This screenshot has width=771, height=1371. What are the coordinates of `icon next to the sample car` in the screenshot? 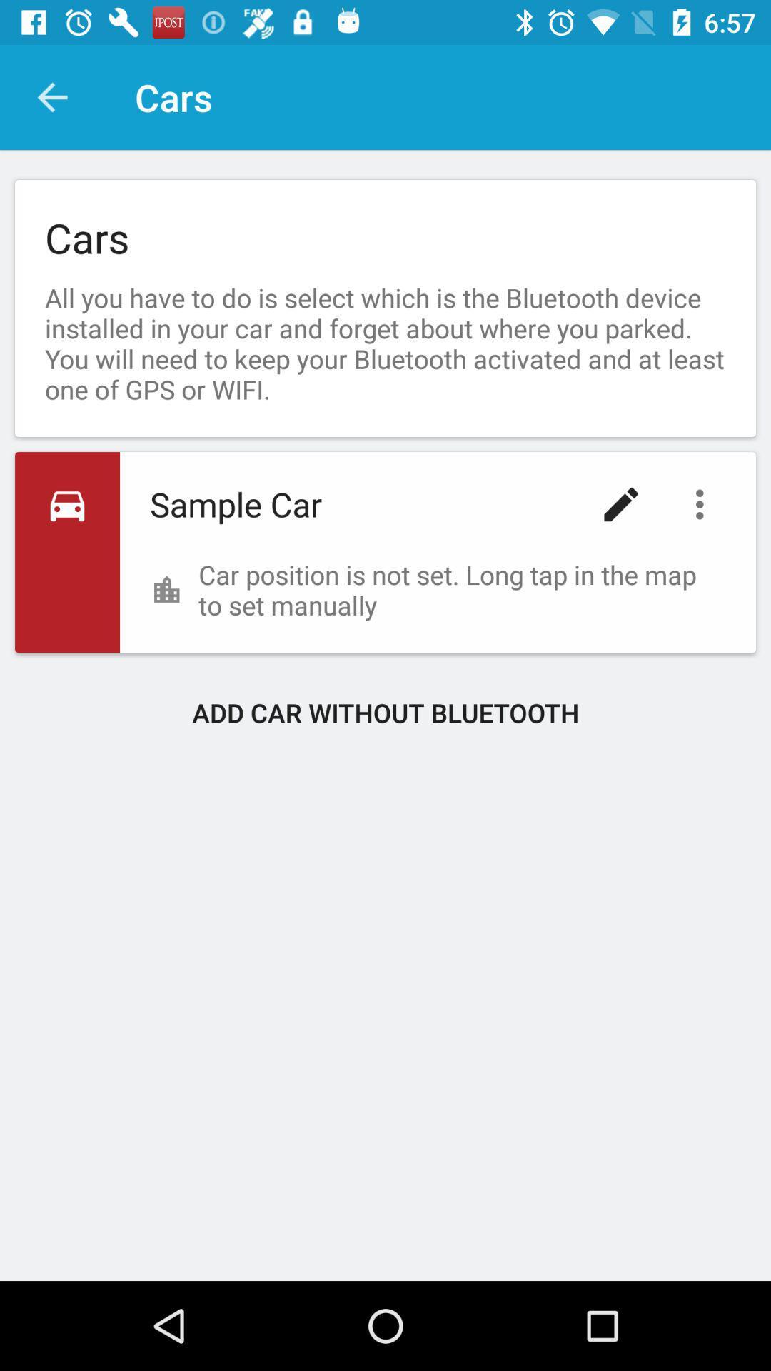 It's located at (620, 504).